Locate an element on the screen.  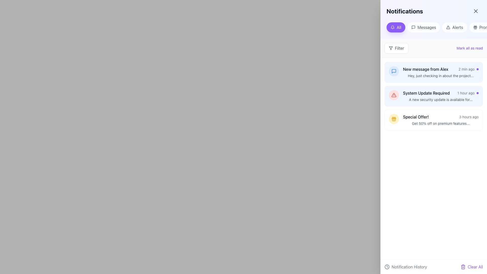
the alert triangle icon located to the left of the 'System Update Required' text in the notification section to interact with the associated notification is located at coordinates (393, 95).